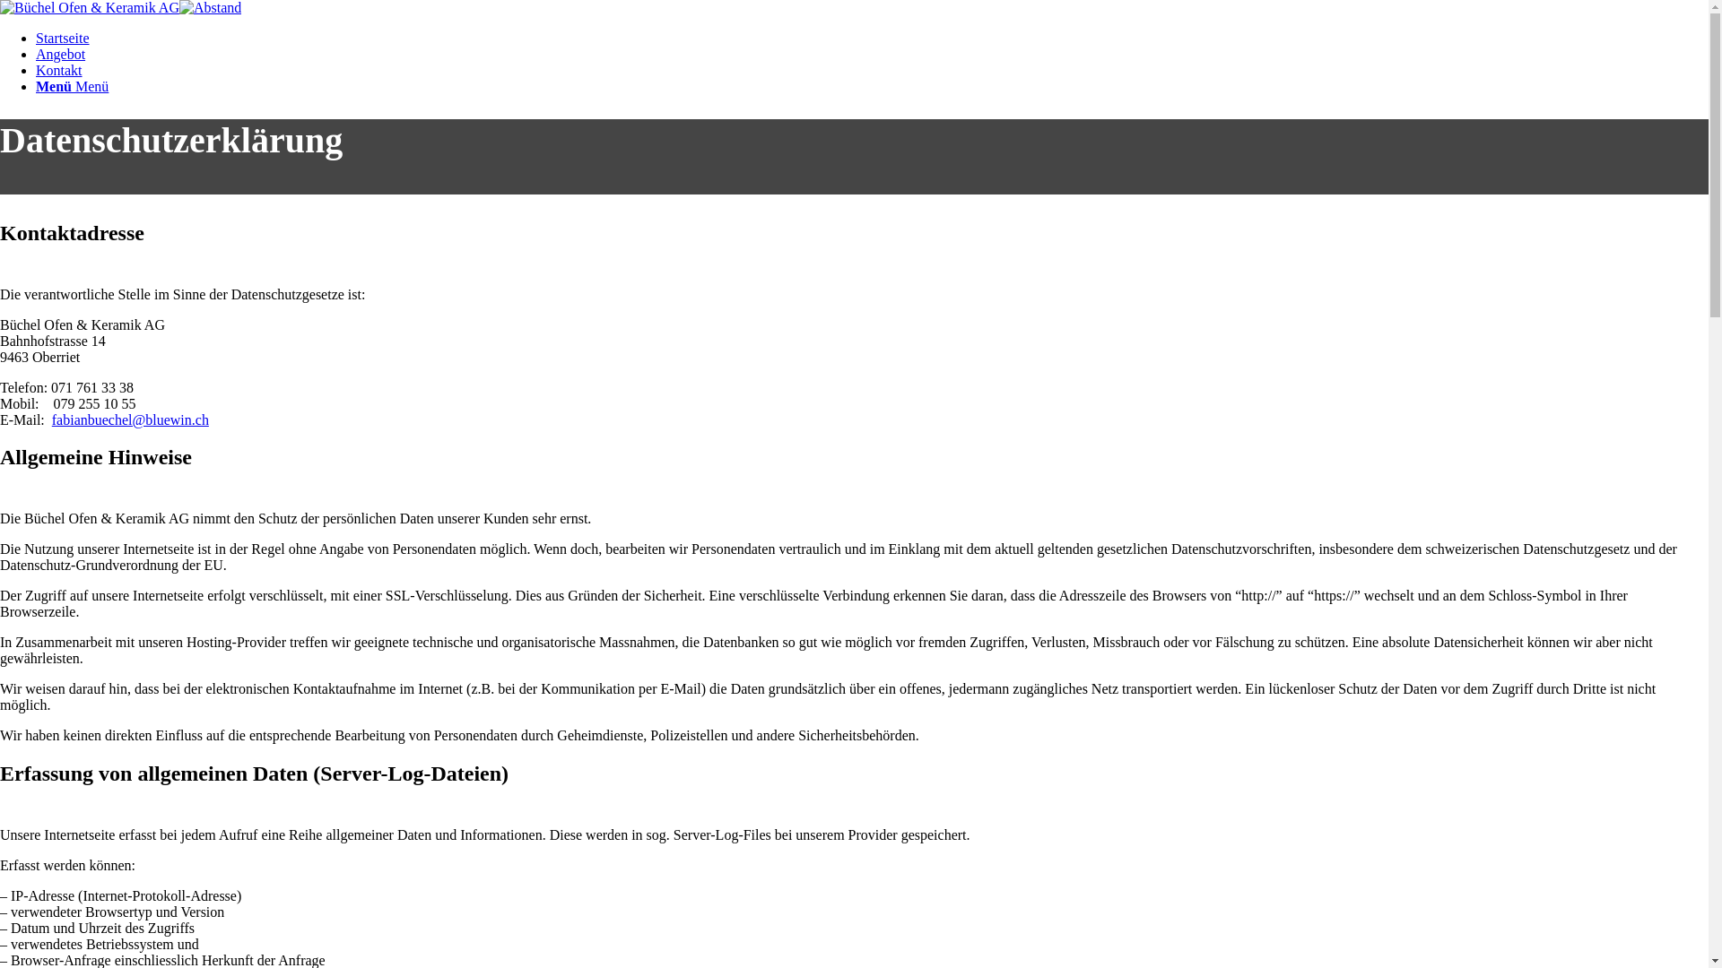 This screenshot has height=968, width=1722. I want to click on 'fabianbuechel@bluewin.ch', so click(51, 419).